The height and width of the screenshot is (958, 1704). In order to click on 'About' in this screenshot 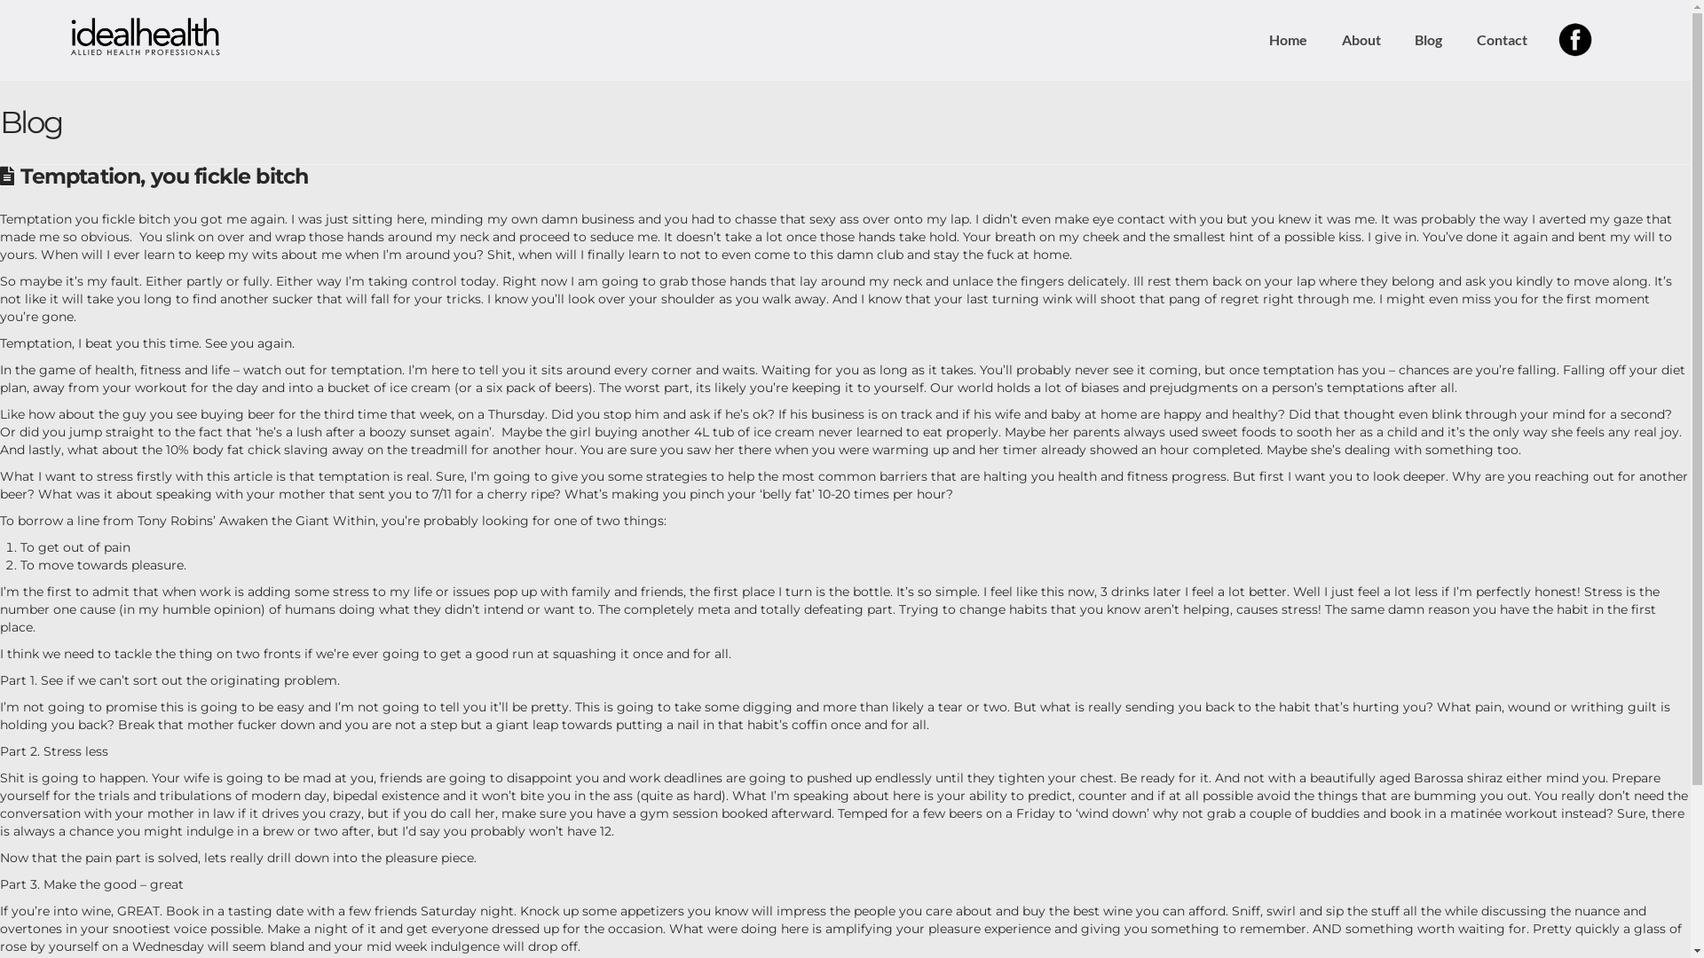, I will do `click(1360, 40)`.